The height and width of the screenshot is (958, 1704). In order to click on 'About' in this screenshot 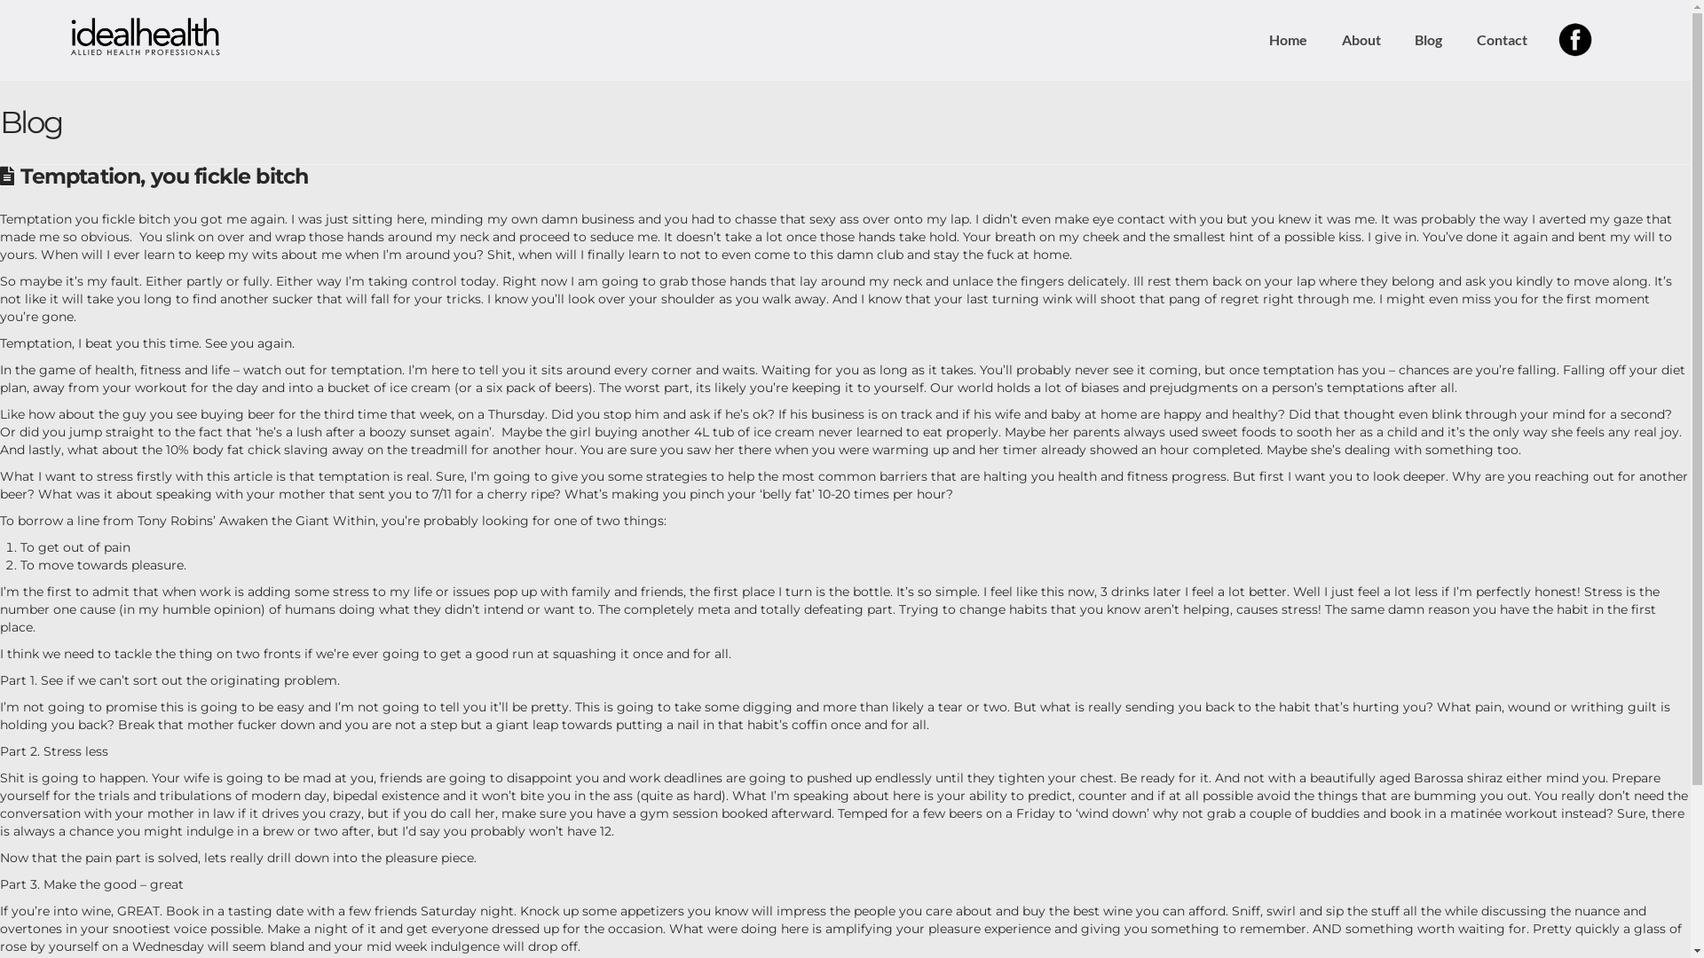, I will do `click(1360, 40)`.